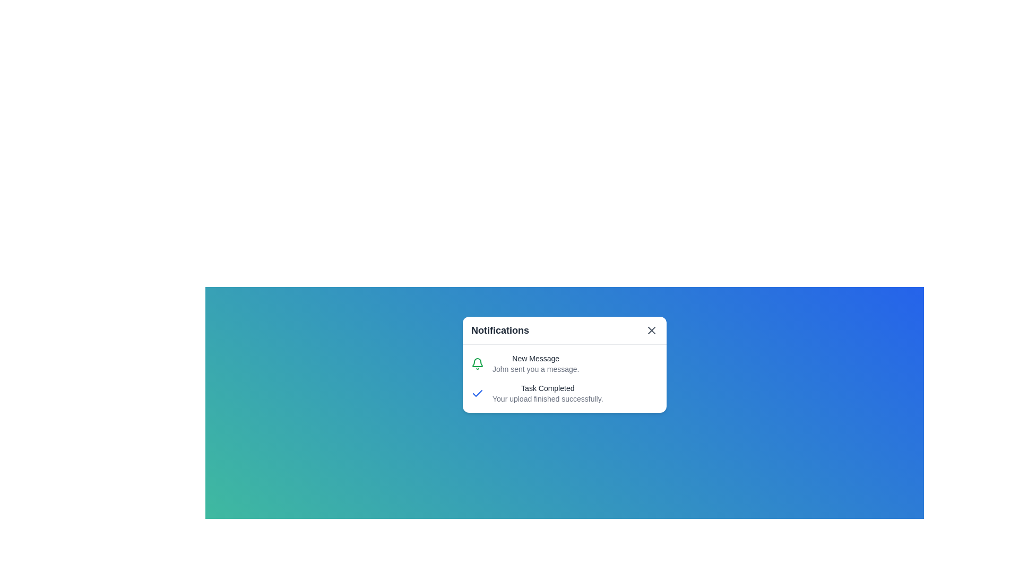  Describe the element at coordinates (548, 399) in the screenshot. I see `the static text 'Your upload finished successfully.' styled in gray font, located under 'Task Completed' in the notification card` at that location.